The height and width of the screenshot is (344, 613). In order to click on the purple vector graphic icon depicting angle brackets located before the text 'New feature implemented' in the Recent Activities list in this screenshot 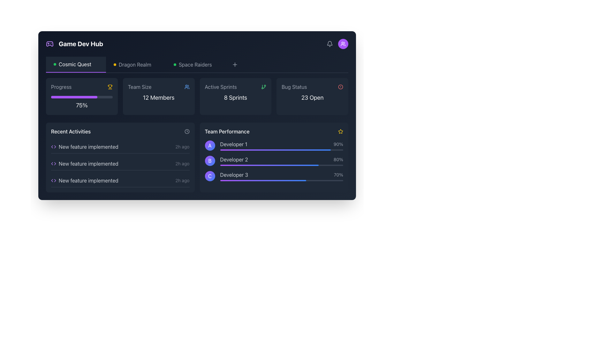, I will do `click(54, 181)`.